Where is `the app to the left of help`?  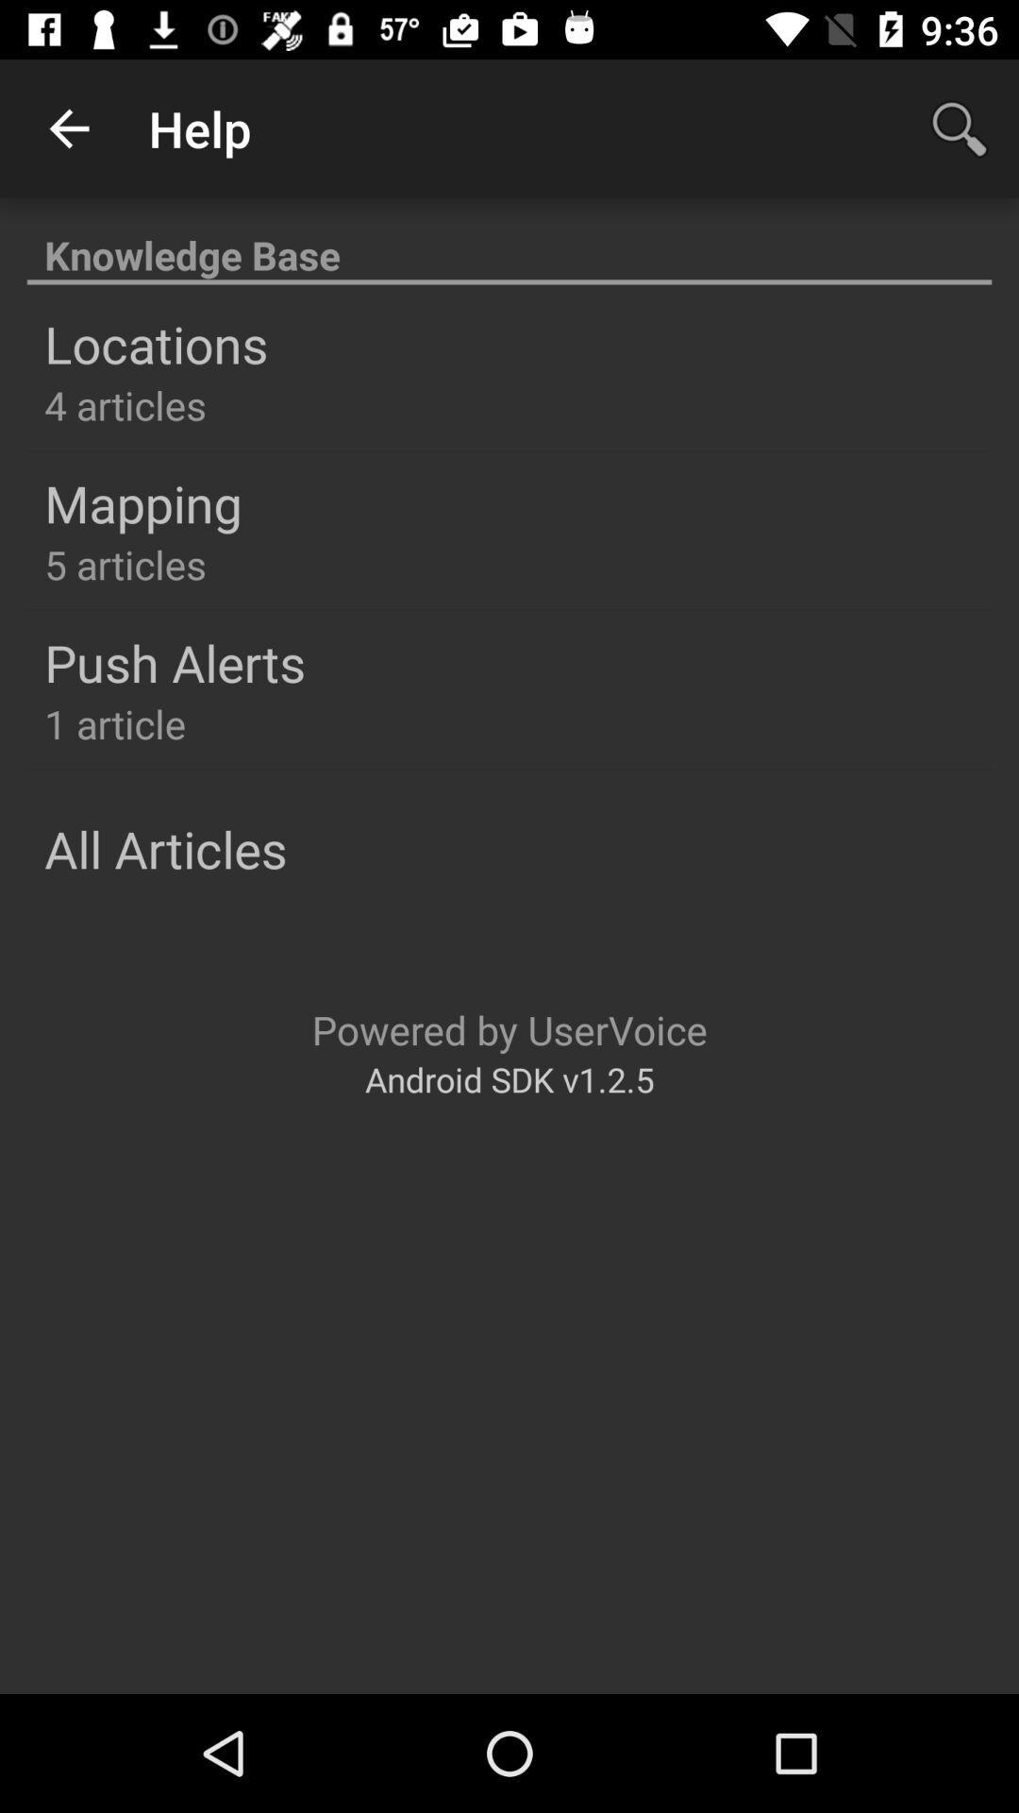
the app to the left of help is located at coordinates (68, 127).